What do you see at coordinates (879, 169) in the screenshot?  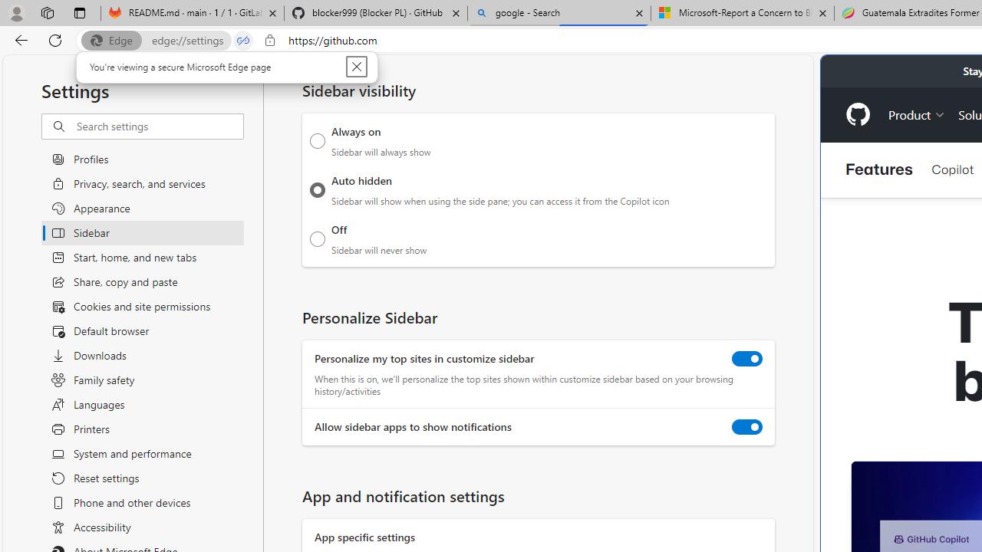 I see `'Features'` at bounding box center [879, 169].